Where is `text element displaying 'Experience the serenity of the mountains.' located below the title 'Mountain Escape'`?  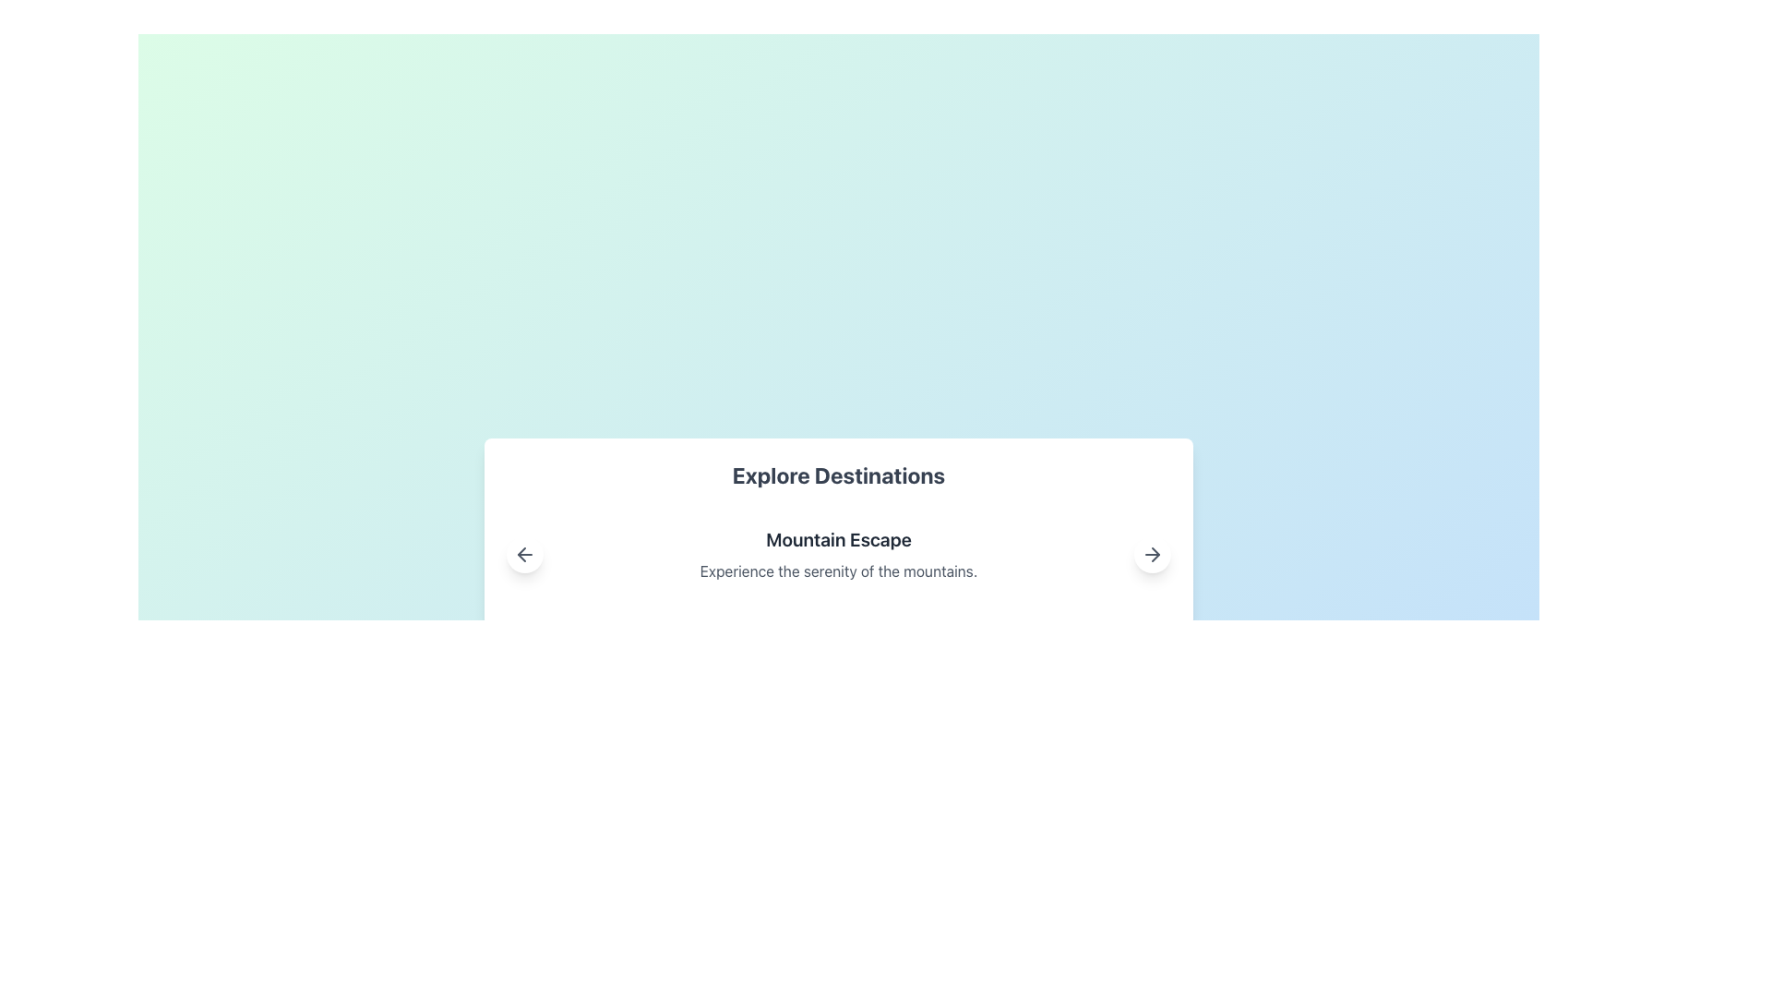 text element displaying 'Experience the serenity of the mountains.' located below the title 'Mountain Escape' is located at coordinates (837, 570).